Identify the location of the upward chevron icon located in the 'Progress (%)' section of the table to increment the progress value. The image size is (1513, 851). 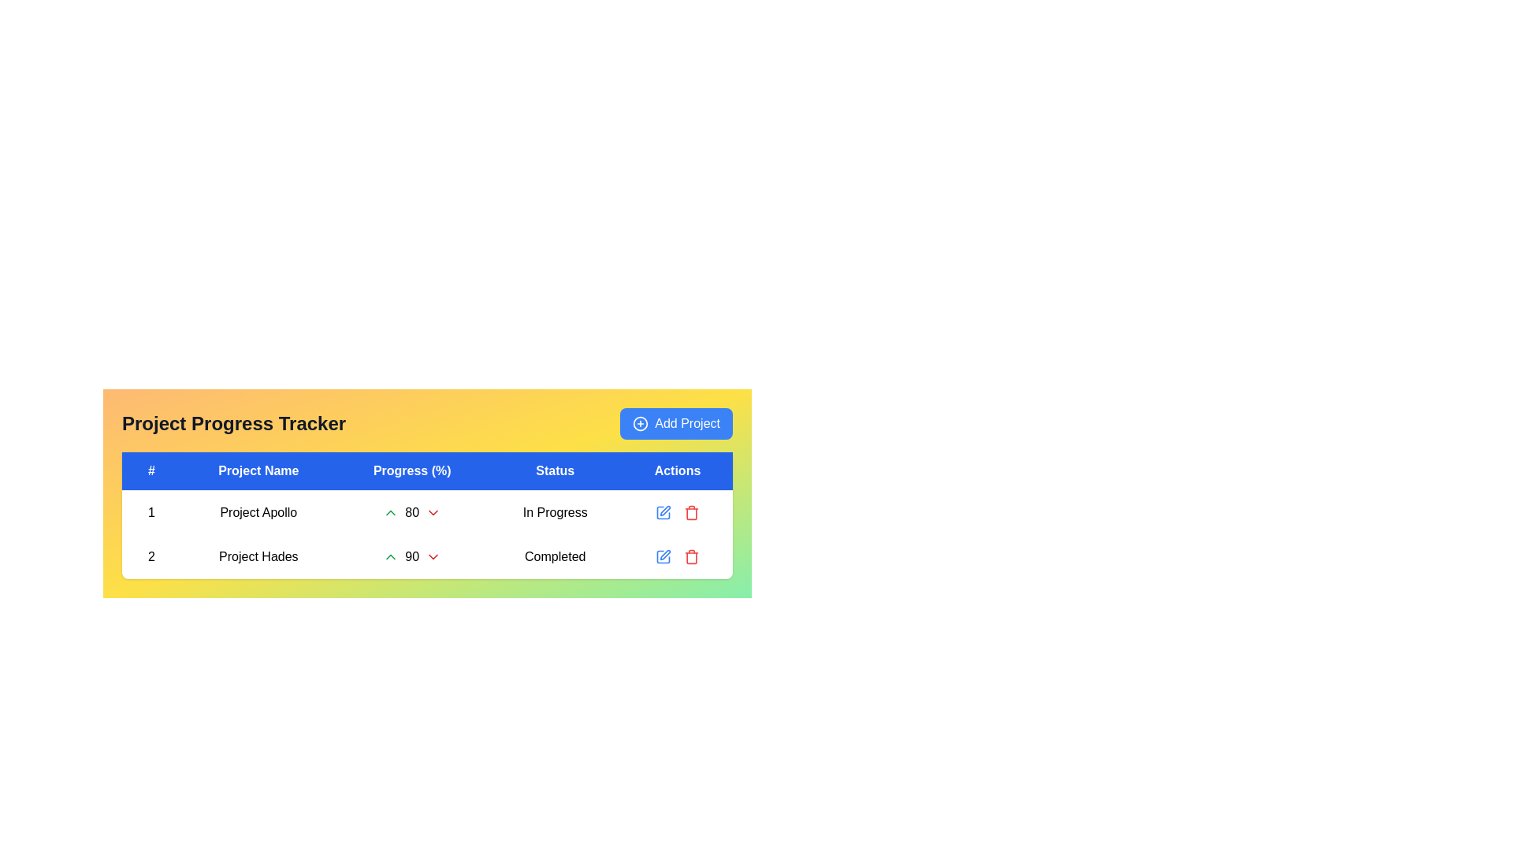
(391, 513).